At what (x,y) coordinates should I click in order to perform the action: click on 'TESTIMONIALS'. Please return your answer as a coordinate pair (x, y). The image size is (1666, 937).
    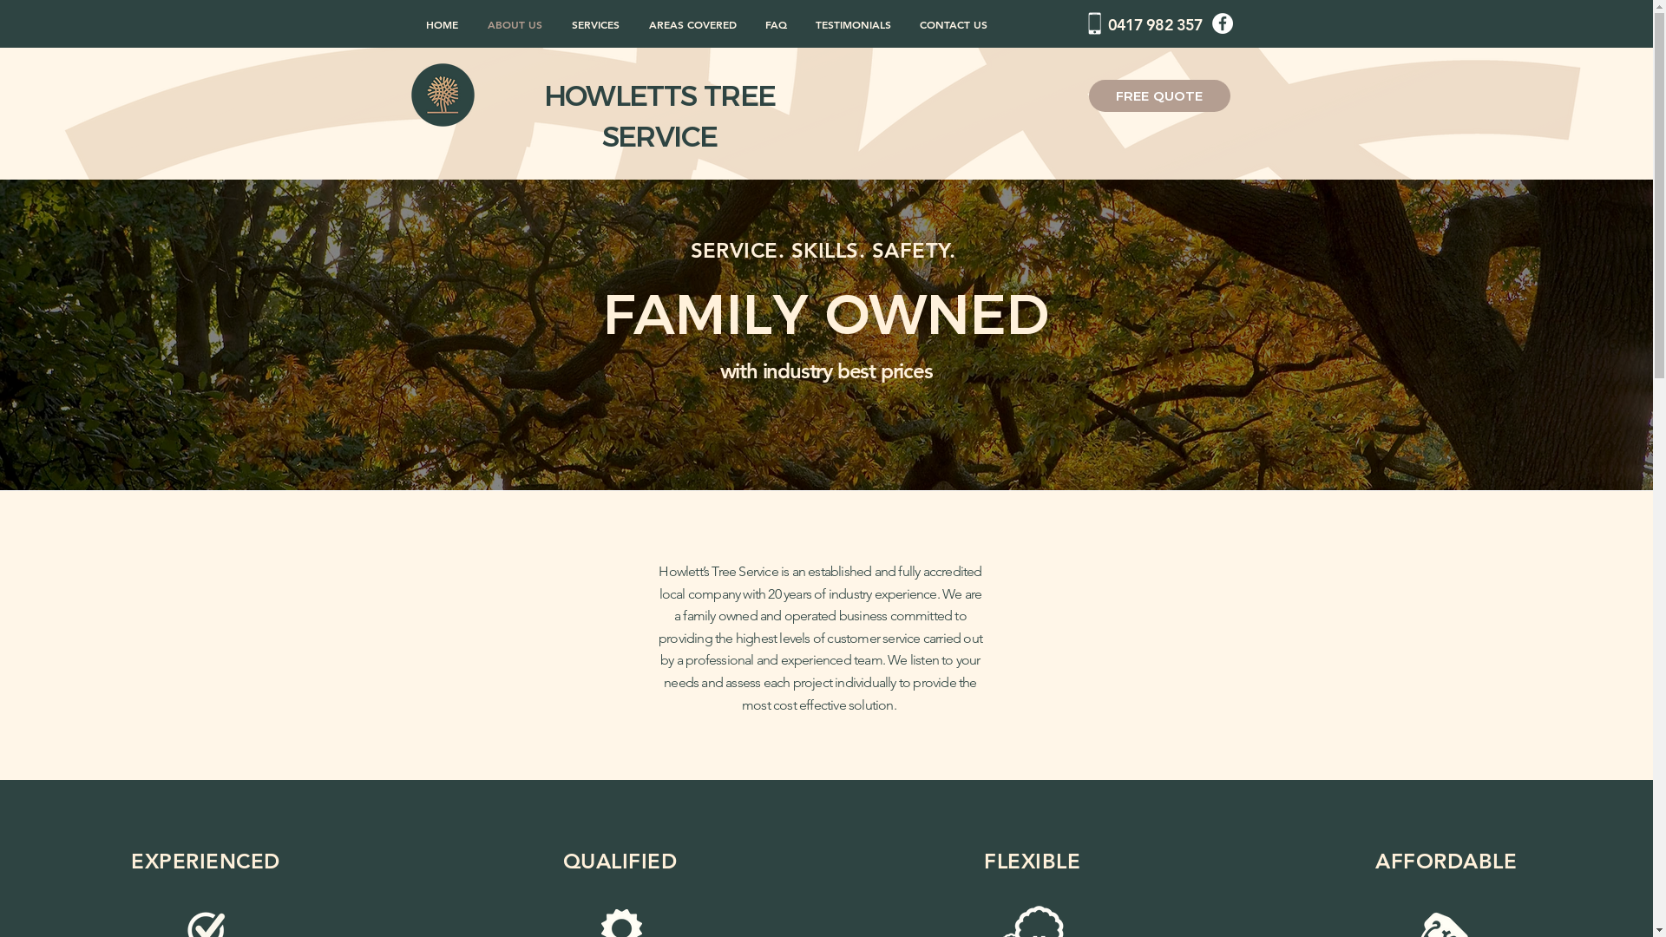
    Looking at the image, I should click on (853, 24).